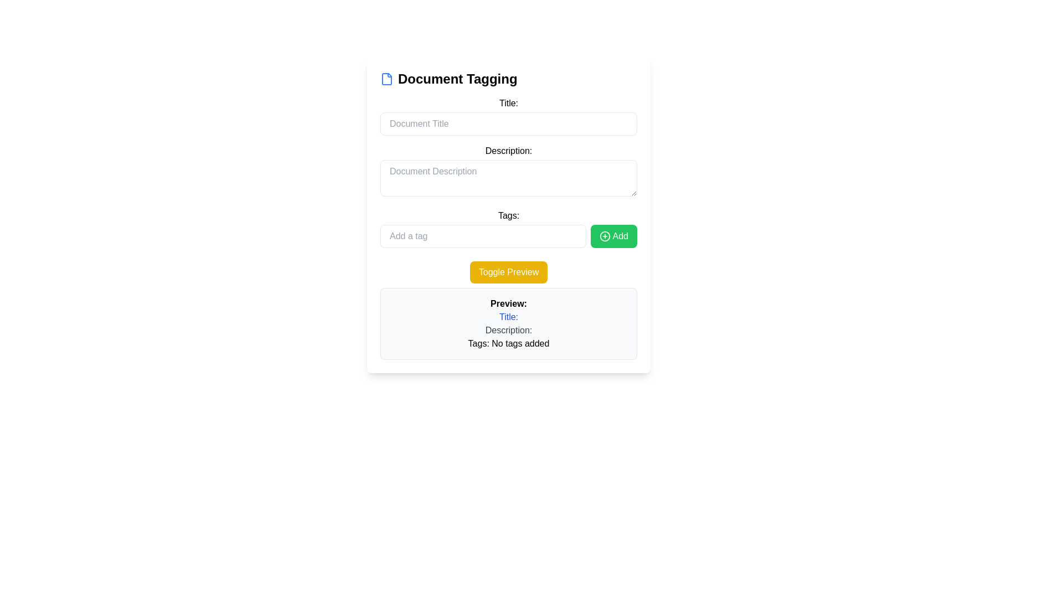 This screenshot has height=598, width=1063. What do you see at coordinates (613, 236) in the screenshot?
I see `the 'Add' button with a green background and white text located to the right of the 'Tags' input field in the 'Document Tagging' form` at bounding box center [613, 236].